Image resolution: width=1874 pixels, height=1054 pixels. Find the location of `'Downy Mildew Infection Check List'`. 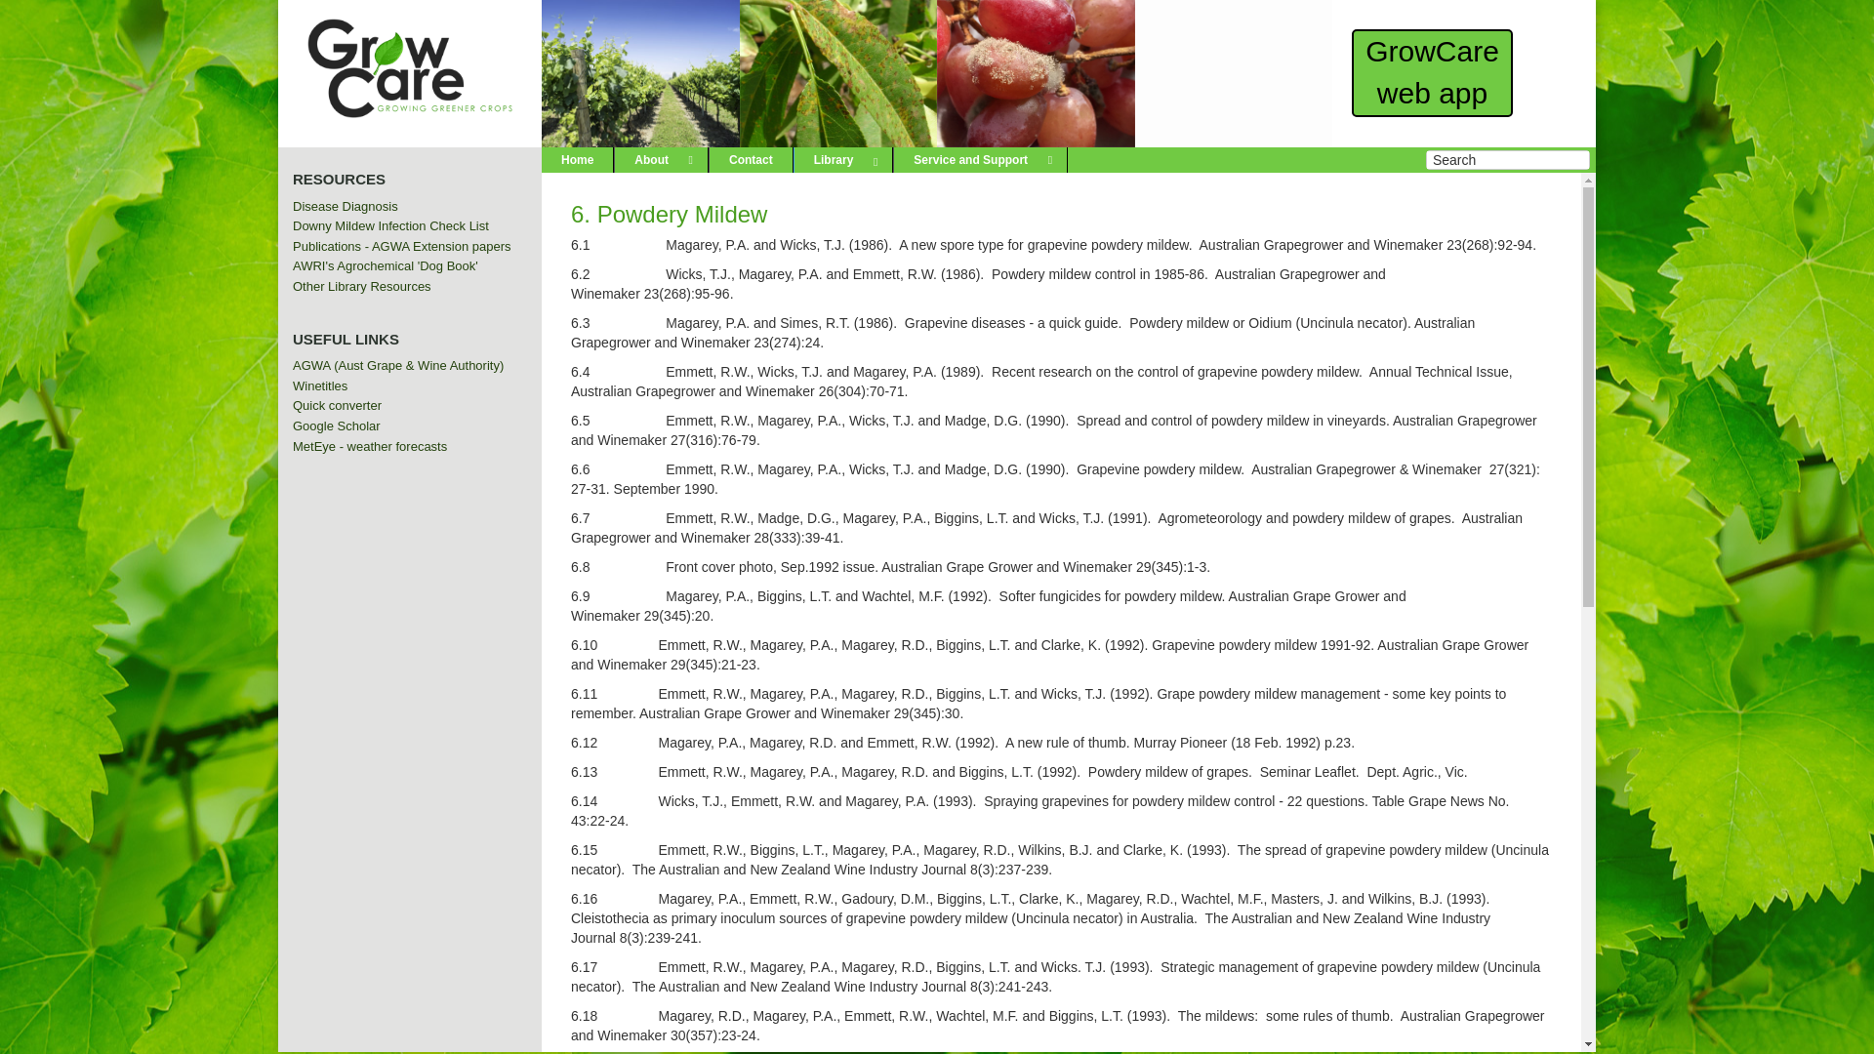

'Downy Mildew Infection Check List' is located at coordinates (291, 224).